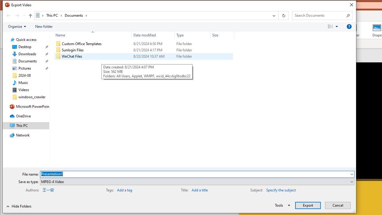  I want to click on 'Tools', so click(281, 205).